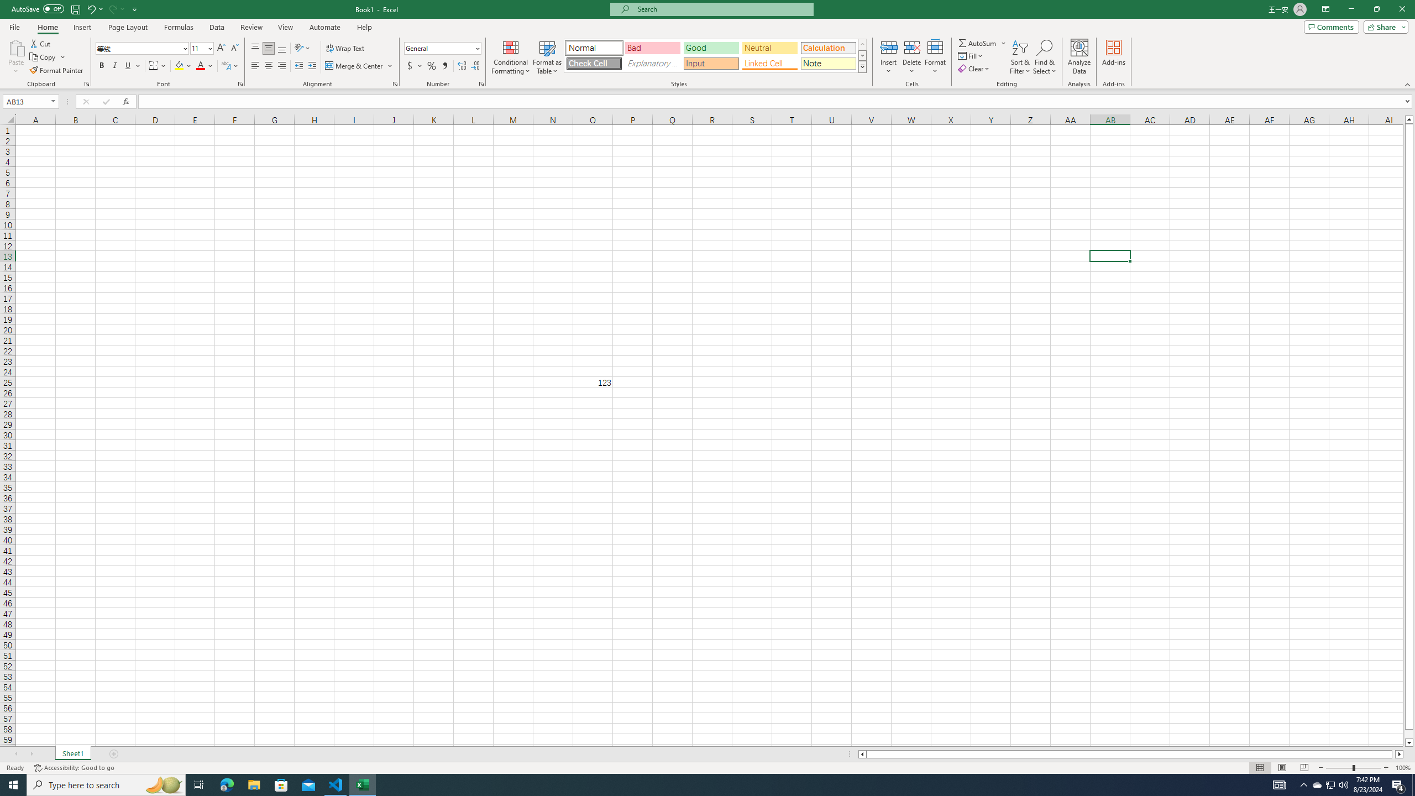 The width and height of the screenshot is (1415, 796). What do you see at coordinates (1393, 753) in the screenshot?
I see `'Page right'` at bounding box center [1393, 753].